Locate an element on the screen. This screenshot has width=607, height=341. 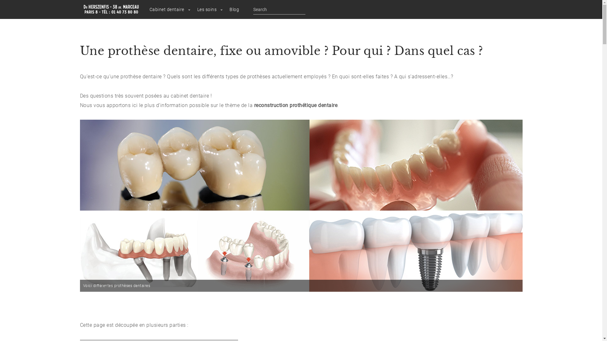
'Les soins' is located at coordinates (207, 9).